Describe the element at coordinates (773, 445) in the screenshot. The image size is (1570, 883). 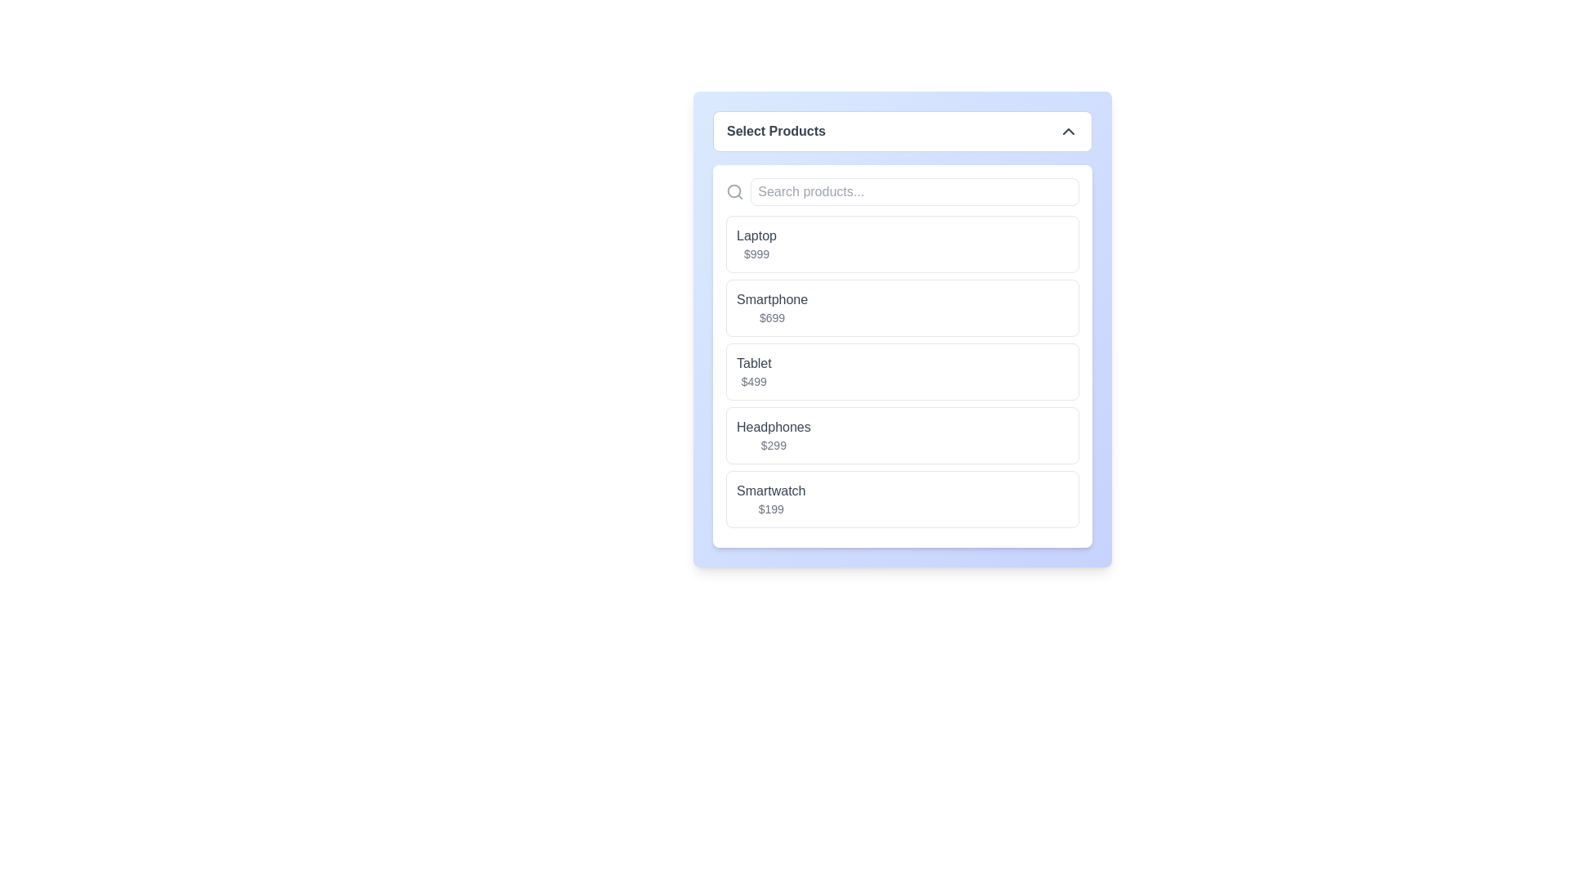
I see `the price displayed for the 'Headphones' product, which is the fourth item` at that location.